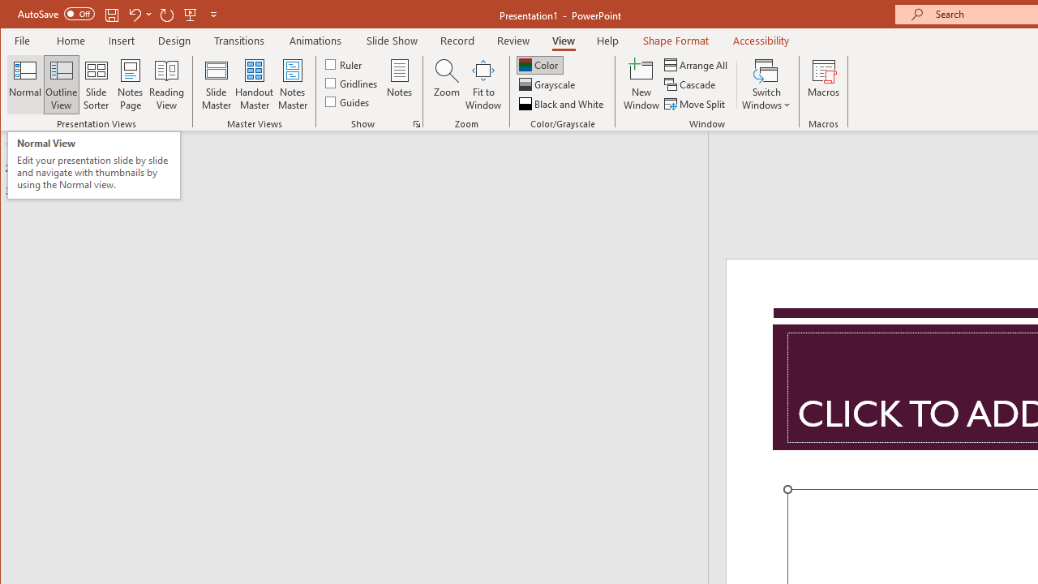 The height and width of the screenshot is (584, 1038). Describe the element at coordinates (540, 64) in the screenshot. I see `'Color'` at that location.